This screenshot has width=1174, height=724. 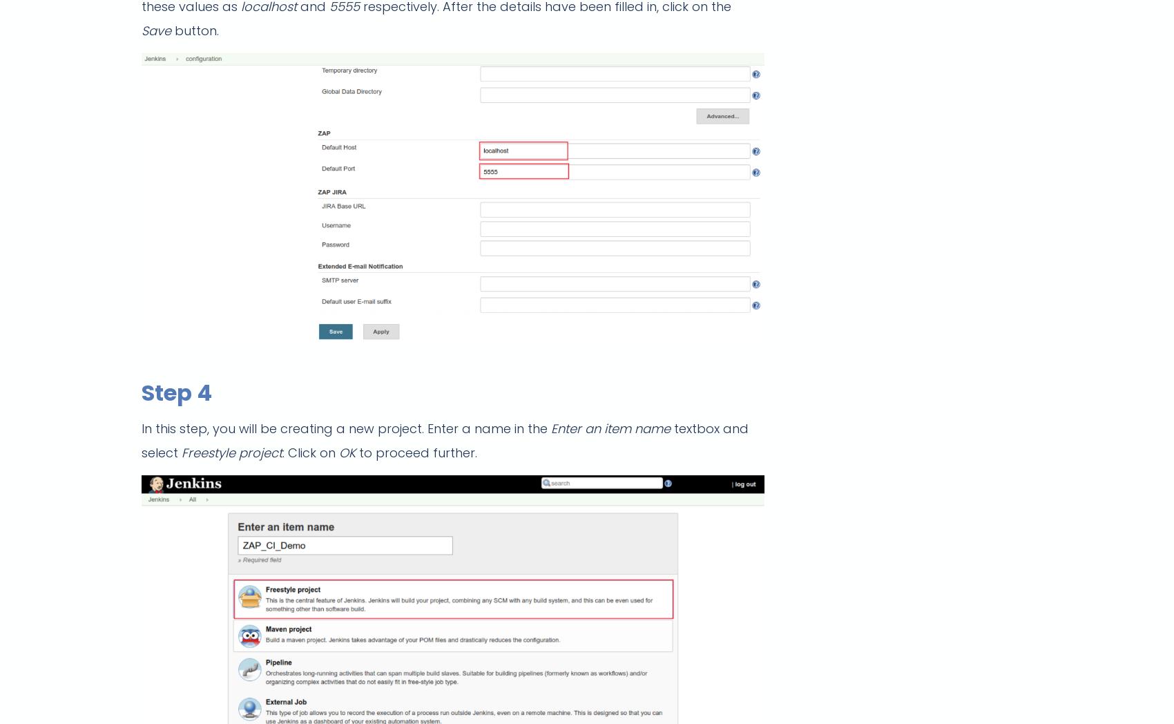 What do you see at coordinates (338, 452) in the screenshot?
I see `'OK'` at bounding box center [338, 452].